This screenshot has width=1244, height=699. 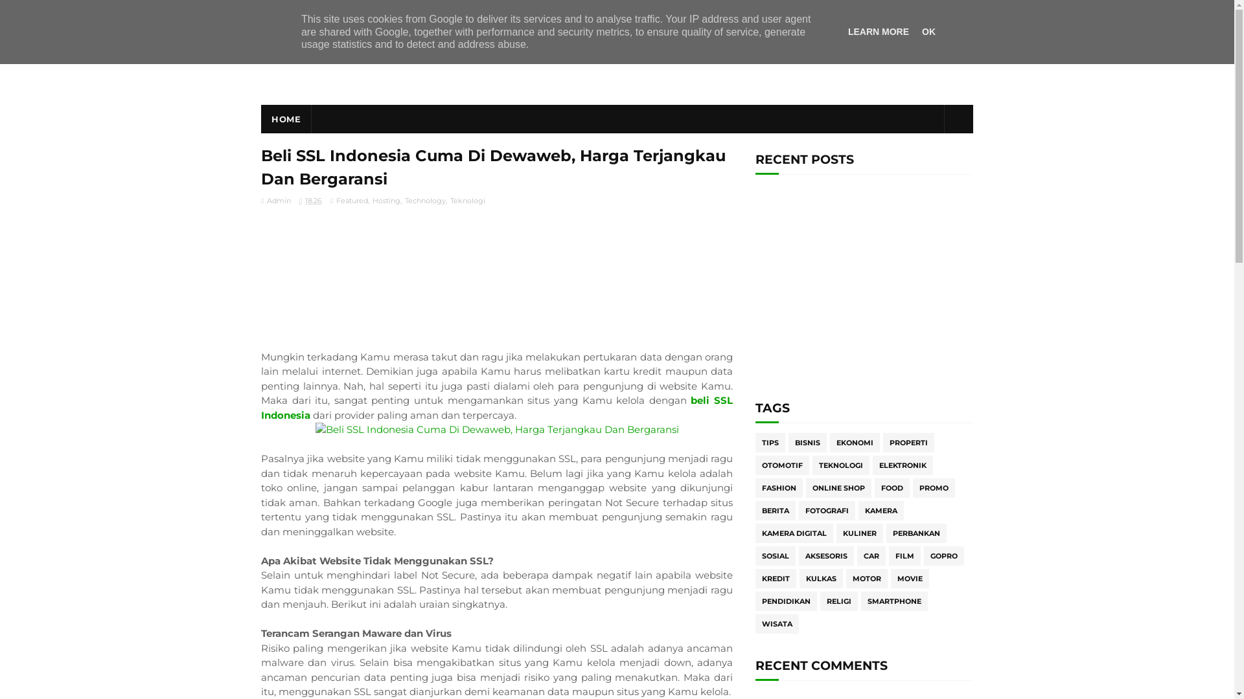 I want to click on 'KREDIT', so click(x=776, y=578).